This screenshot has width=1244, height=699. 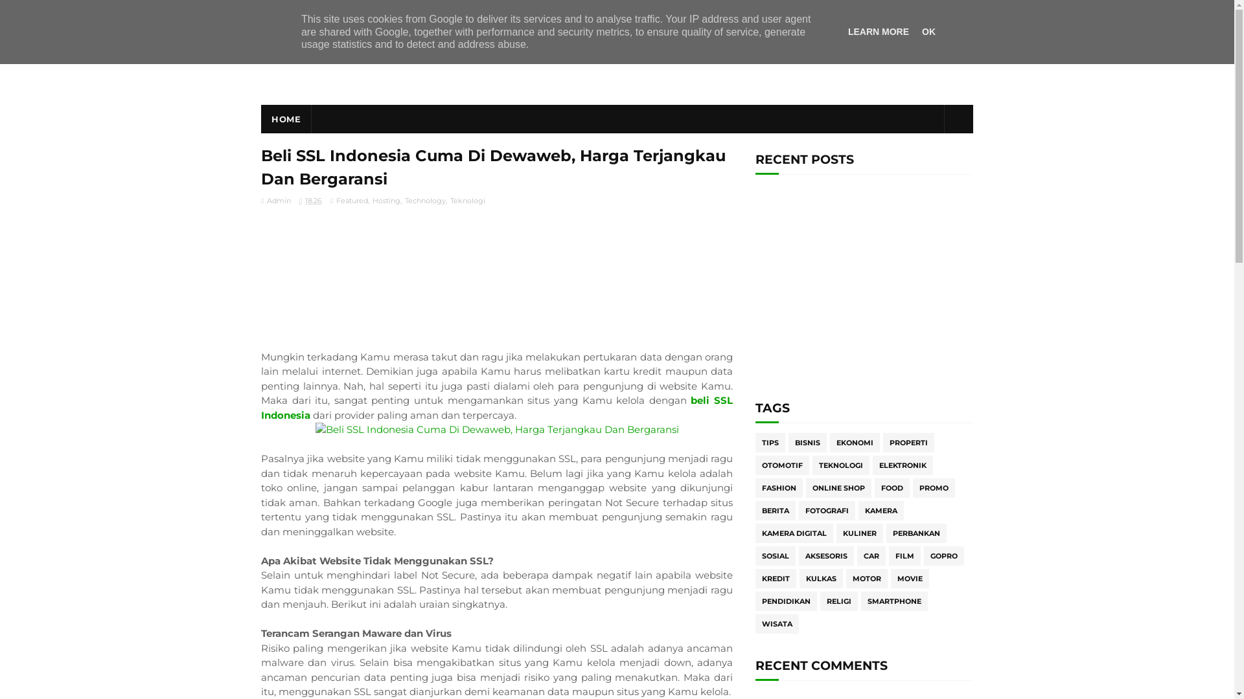 I want to click on 'KREDIT', so click(x=776, y=578).